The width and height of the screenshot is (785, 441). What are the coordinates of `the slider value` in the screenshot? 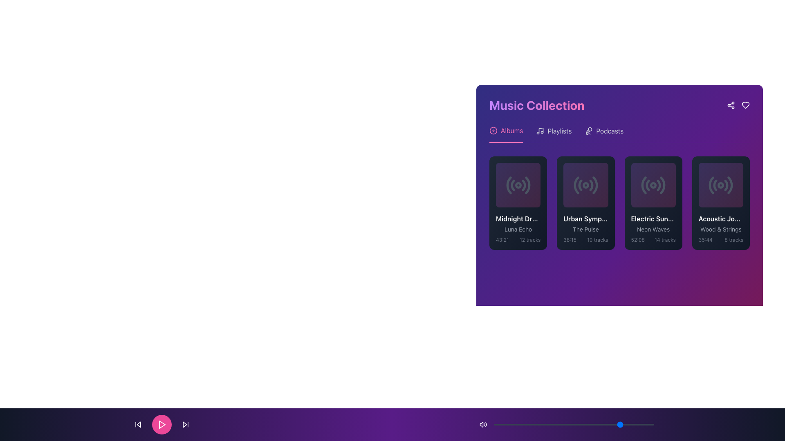 It's located at (606, 424).